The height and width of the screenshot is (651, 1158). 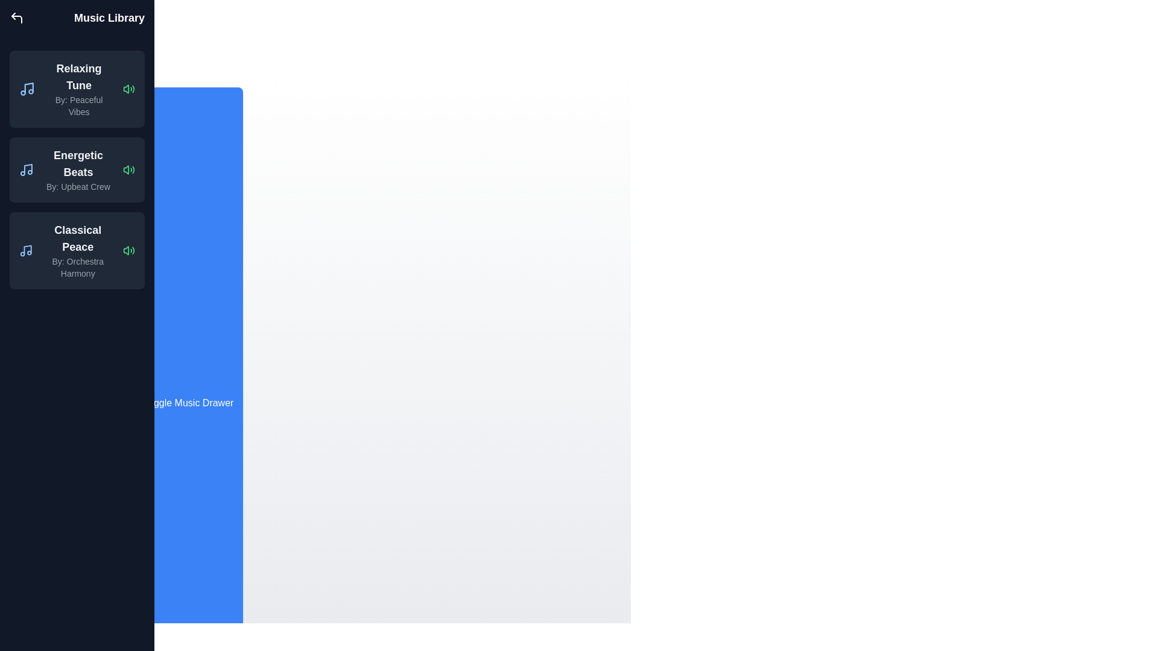 What do you see at coordinates (17, 18) in the screenshot?
I see `the close button (corner-up-left icon) to close the Music Library Drawer` at bounding box center [17, 18].